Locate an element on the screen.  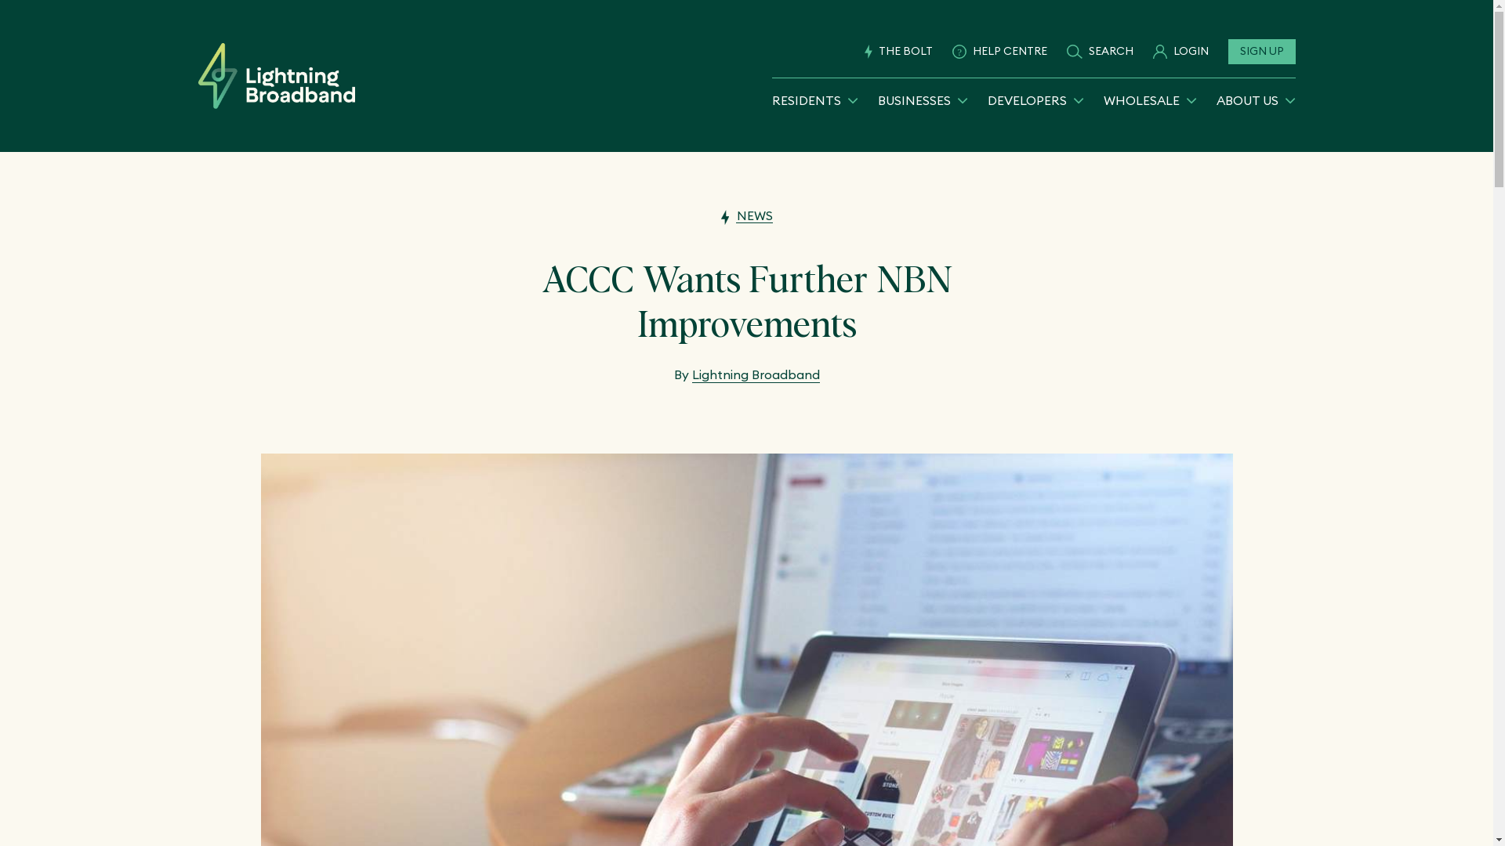
'Lightning Broadband' is located at coordinates (691, 374).